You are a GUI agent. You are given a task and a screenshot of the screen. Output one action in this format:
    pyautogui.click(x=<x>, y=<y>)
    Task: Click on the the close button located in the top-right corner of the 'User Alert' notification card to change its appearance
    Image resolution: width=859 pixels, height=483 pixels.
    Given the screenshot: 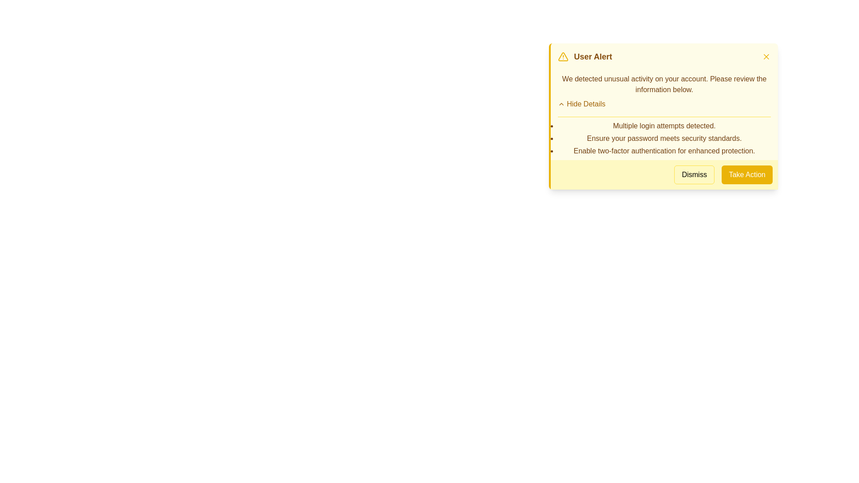 What is the action you would take?
    pyautogui.click(x=766, y=57)
    